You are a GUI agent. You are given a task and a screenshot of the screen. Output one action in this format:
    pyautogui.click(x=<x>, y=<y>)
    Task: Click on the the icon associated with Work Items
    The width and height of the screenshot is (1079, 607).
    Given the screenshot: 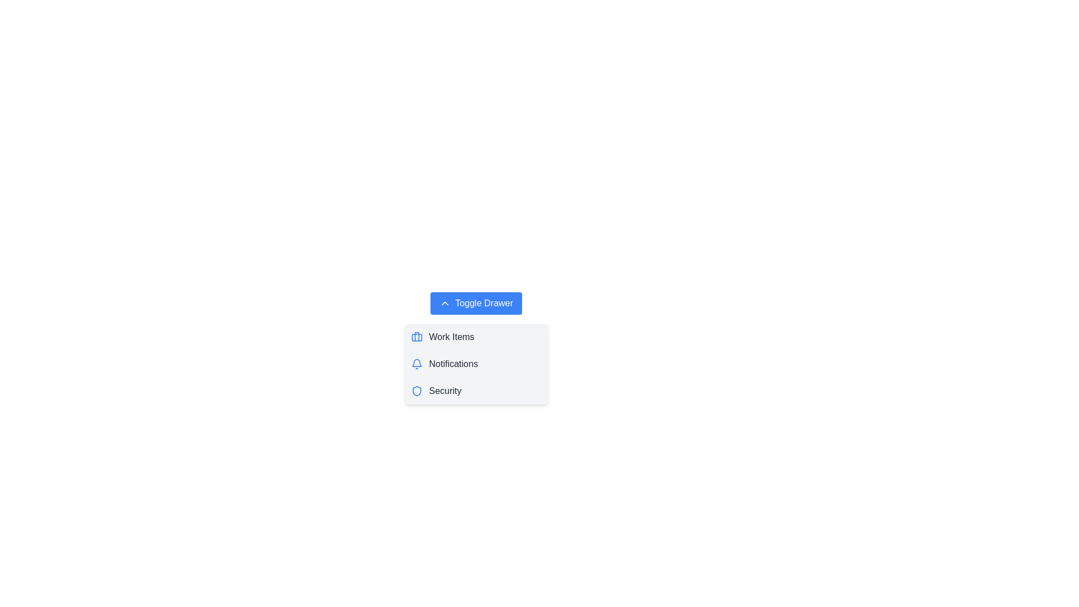 What is the action you would take?
    pyautogui.click(x=416, y=337)
    